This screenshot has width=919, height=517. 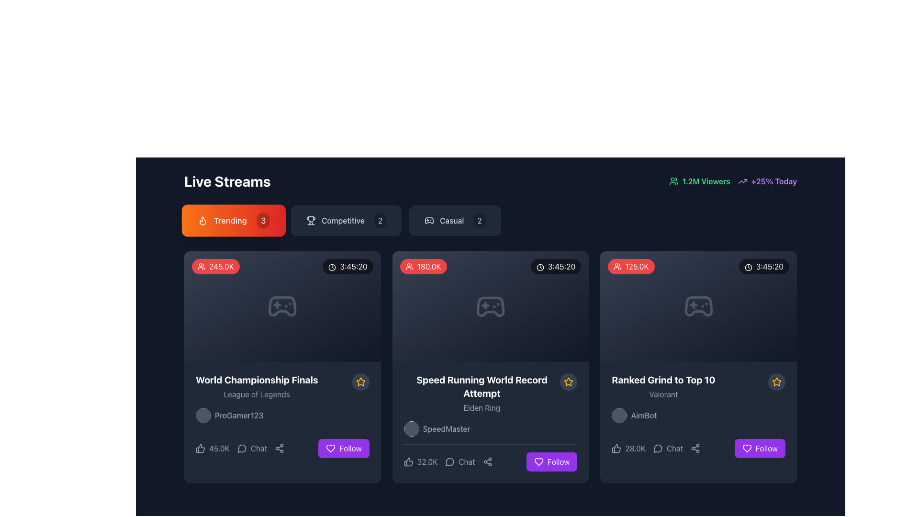 What do you see at coordinates (482, 393) in the screenshot?
I see `the text block that displays 'Speed Running World Record Attempt' and 'Elden Ring', which is located below the game controller image in the middle card layout` at bounding box center [482, 393].